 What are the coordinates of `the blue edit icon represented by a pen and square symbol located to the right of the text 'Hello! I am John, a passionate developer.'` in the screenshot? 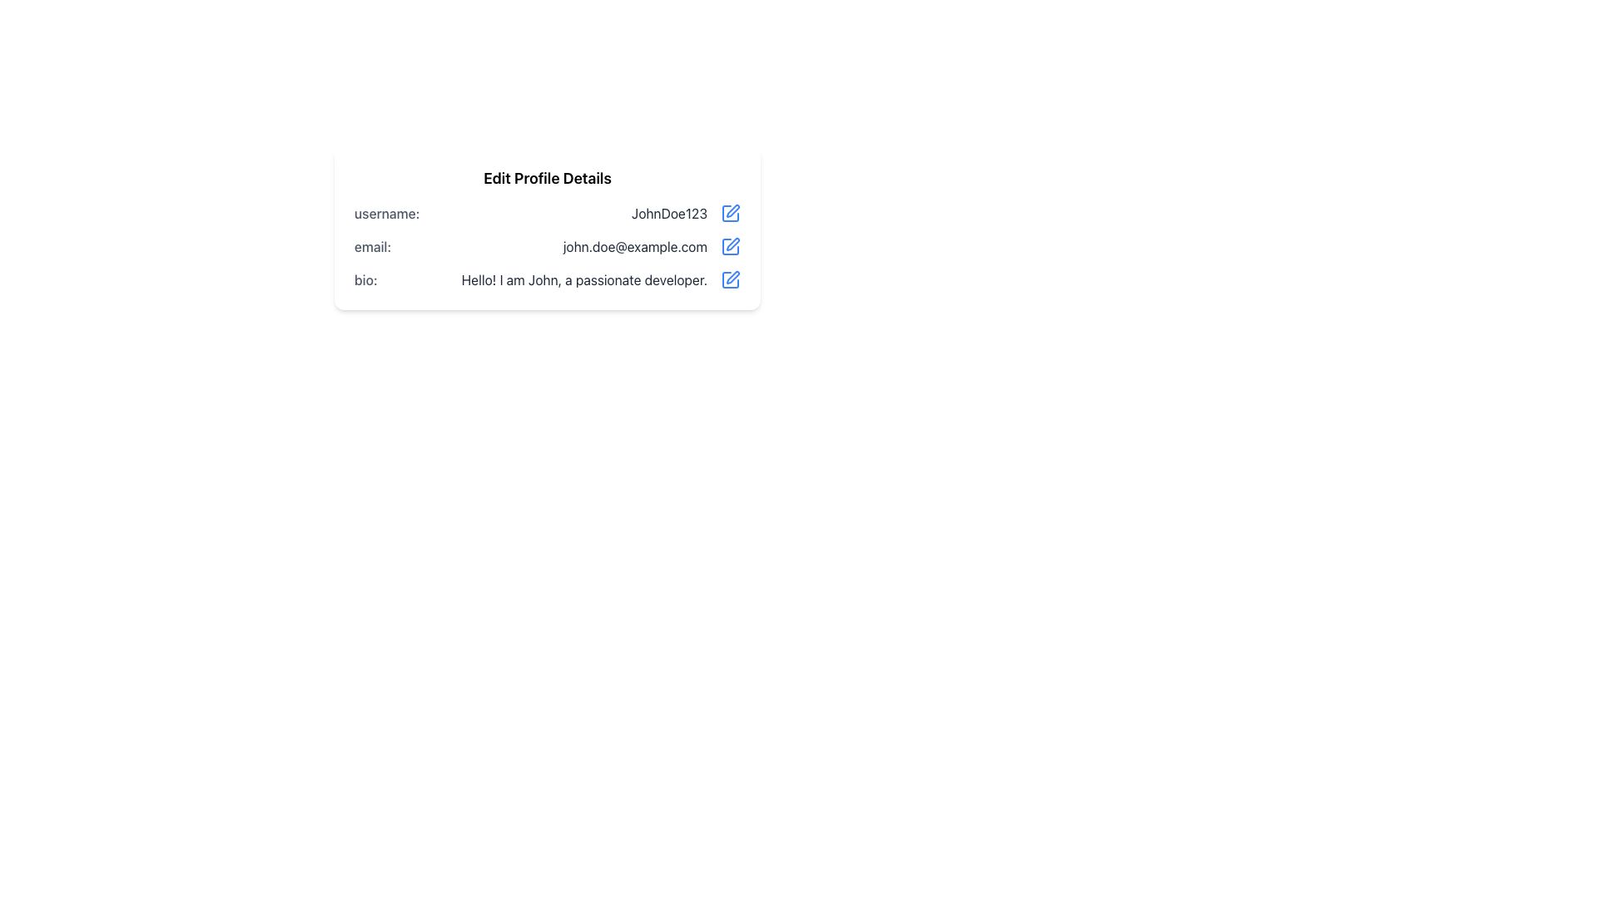 It's located at (731, 279).